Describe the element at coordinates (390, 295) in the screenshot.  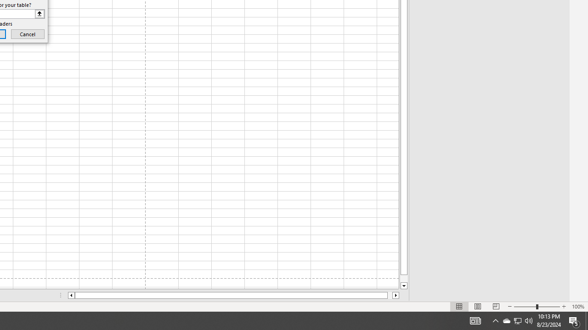
I see `'Page right'` at that location.